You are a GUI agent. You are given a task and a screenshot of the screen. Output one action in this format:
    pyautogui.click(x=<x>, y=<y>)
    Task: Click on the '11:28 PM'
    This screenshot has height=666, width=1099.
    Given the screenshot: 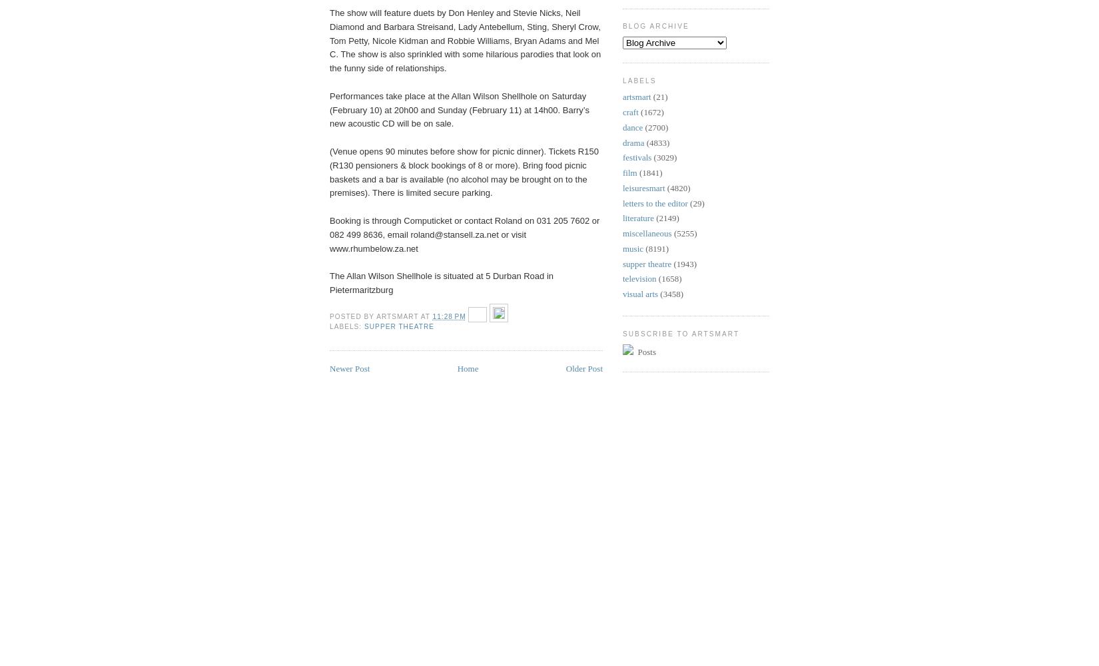 What is the action you would take?
    pyautogui.click(x=448, y=316)
    